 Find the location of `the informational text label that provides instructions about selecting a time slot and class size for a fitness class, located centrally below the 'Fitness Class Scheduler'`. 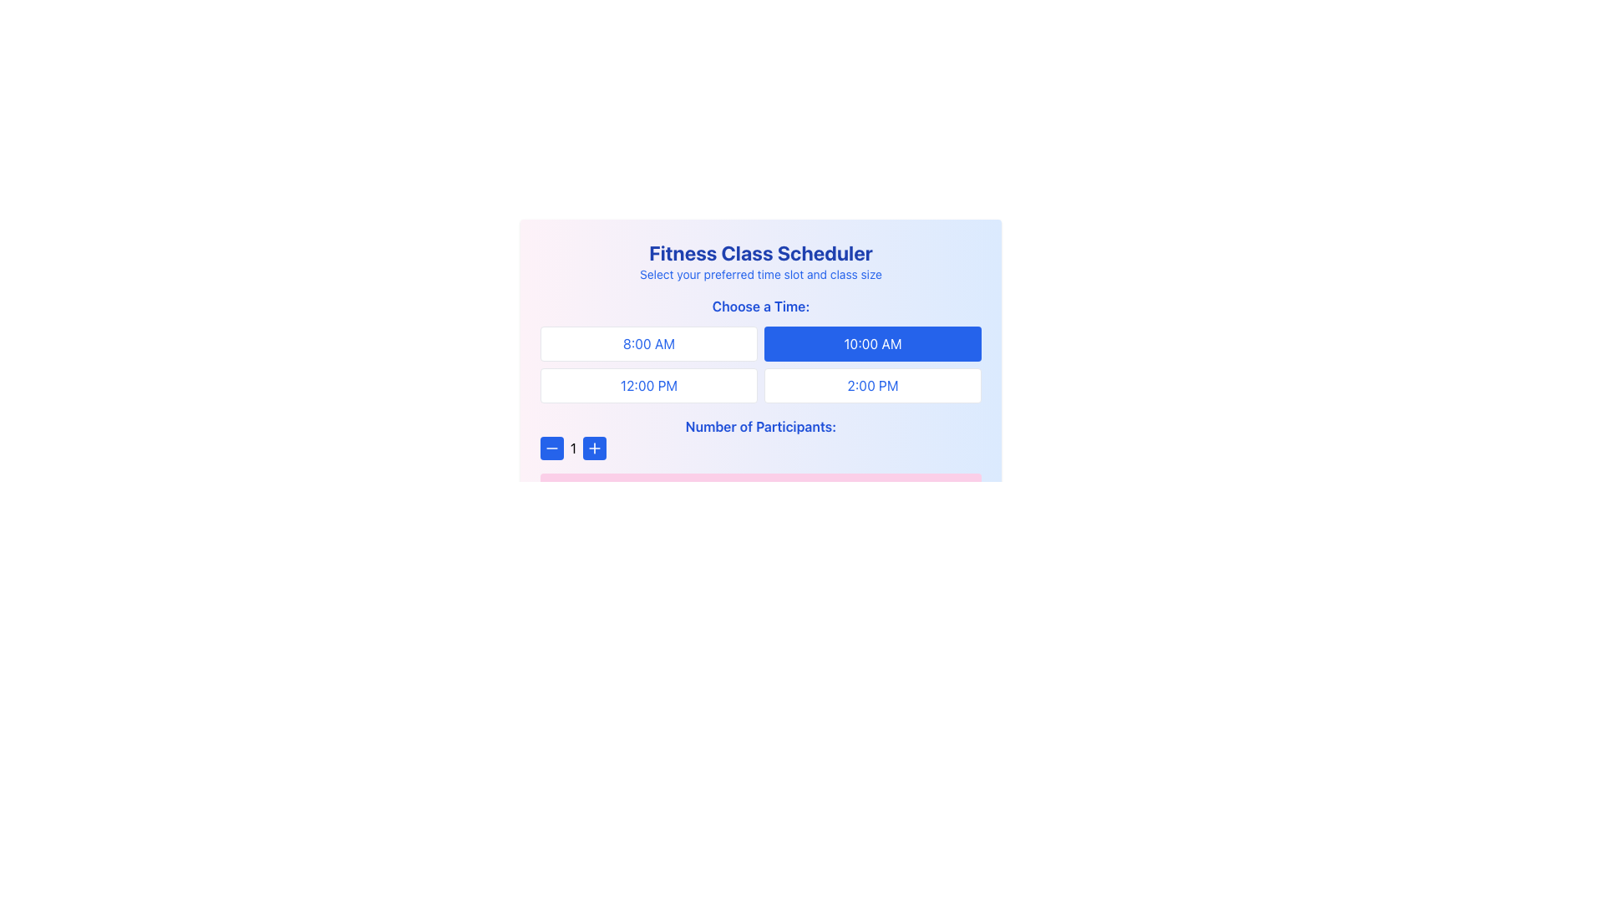

the informational text label that provides instructions about selecting a time slot and class size for a fitness class, located centrally below the 'Fitness Class Scheduler' is located at coordinates (760, 273).